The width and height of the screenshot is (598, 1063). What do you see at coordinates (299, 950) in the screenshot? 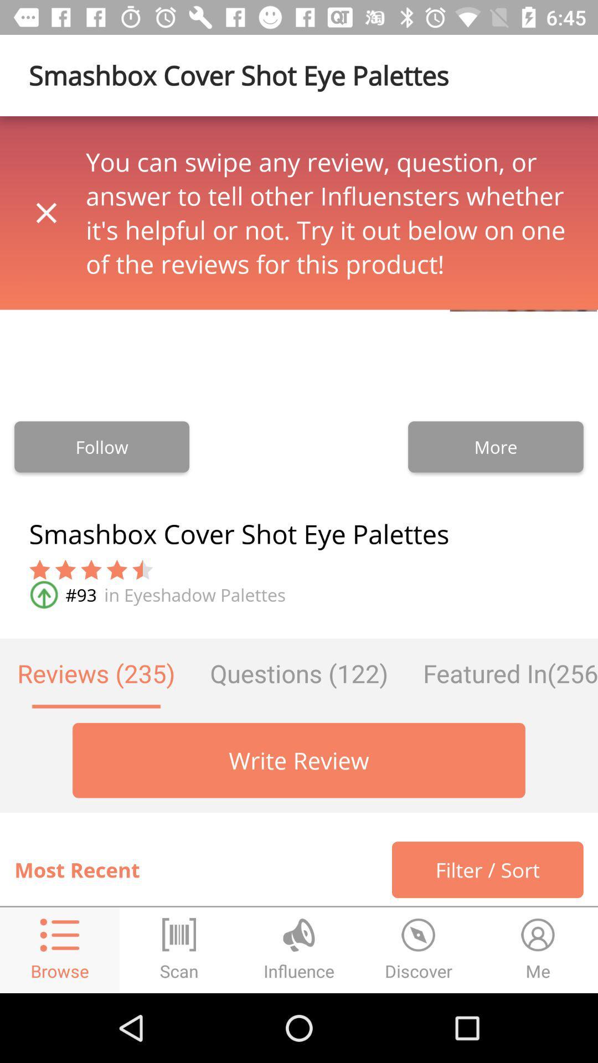
I see `the influence button on the web page` at bounding box center [299, 950].